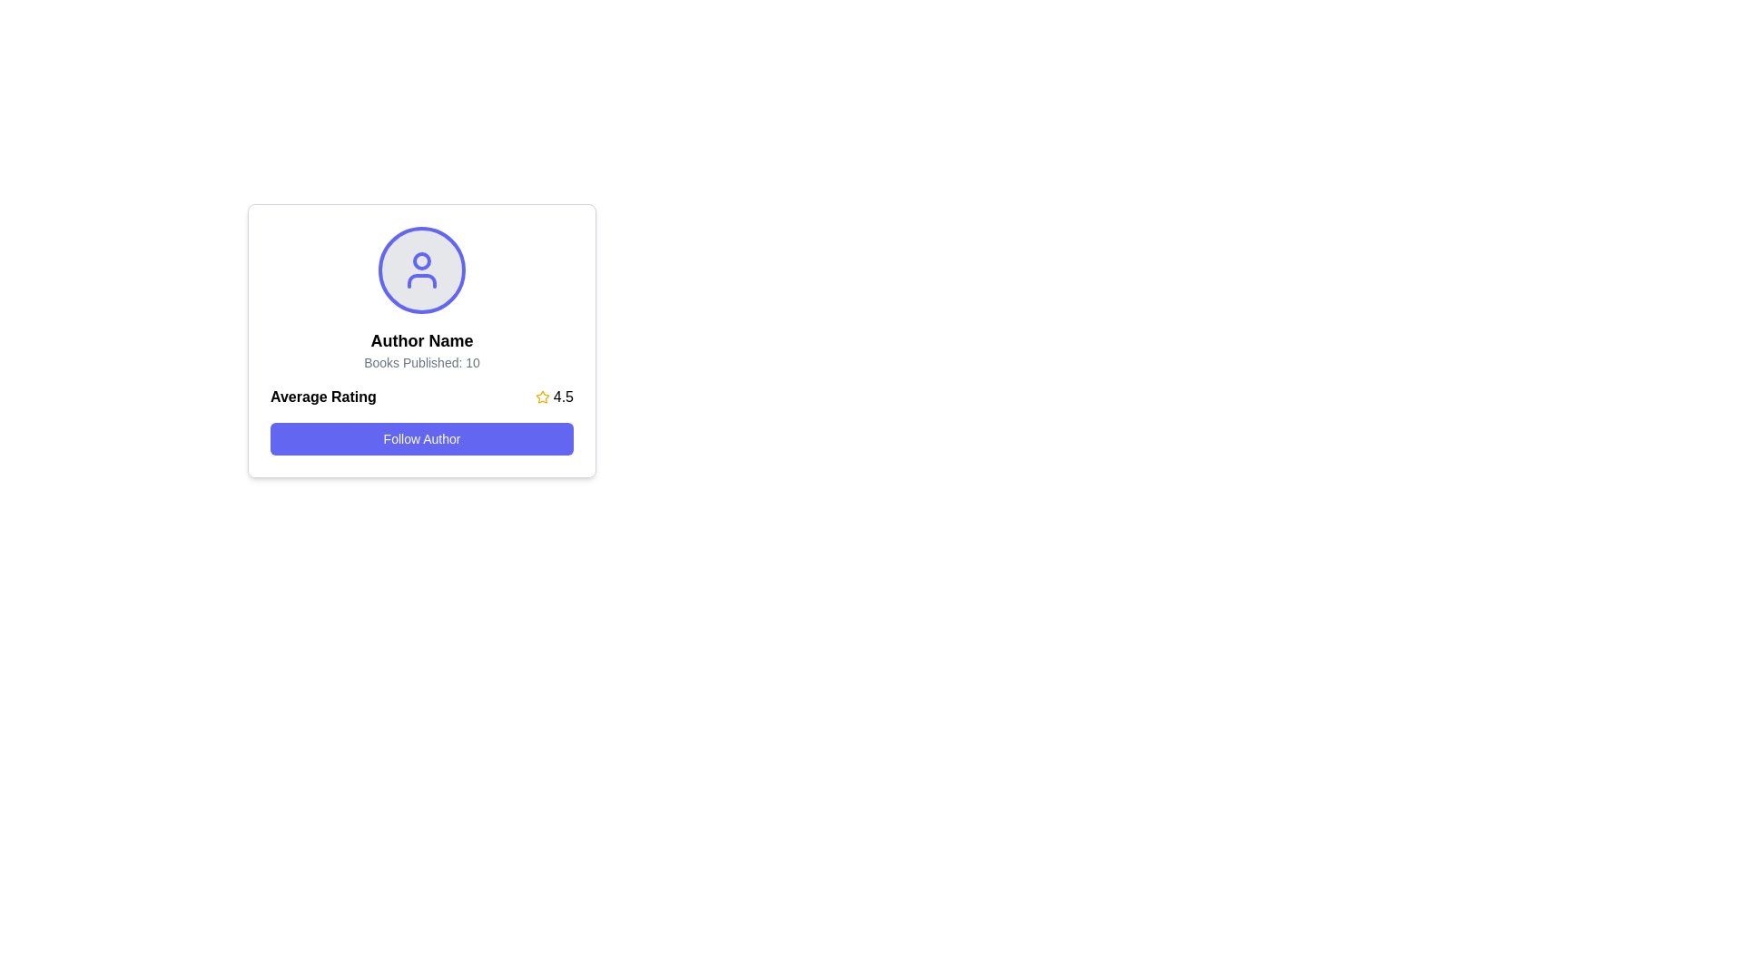 The width and height of the screenshot is (1743, 980). I want to click on the rating Icon that visually represents the average rating value, located to the right of the 'Average Rating' label and numeric value, so click(541, 396).